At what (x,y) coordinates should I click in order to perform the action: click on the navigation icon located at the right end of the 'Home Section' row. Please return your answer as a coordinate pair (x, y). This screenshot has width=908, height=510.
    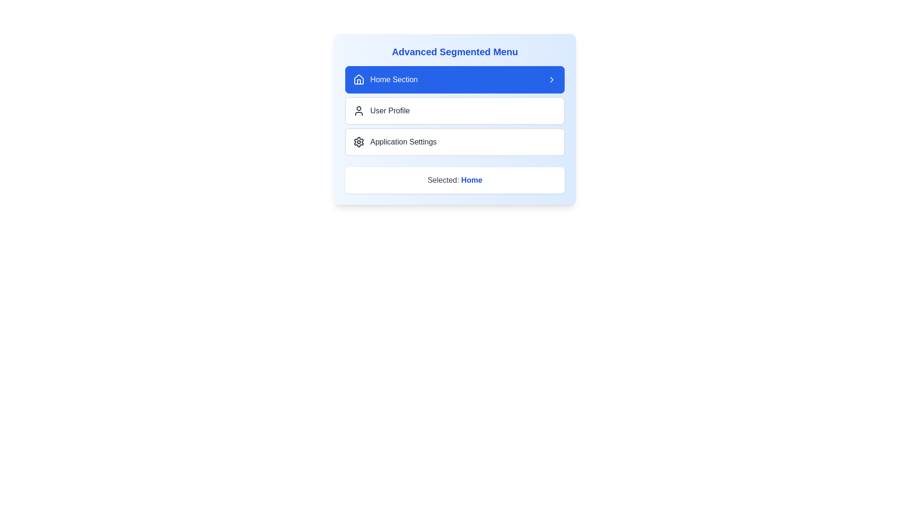
    Looking at the image, I should click on (551, 79).